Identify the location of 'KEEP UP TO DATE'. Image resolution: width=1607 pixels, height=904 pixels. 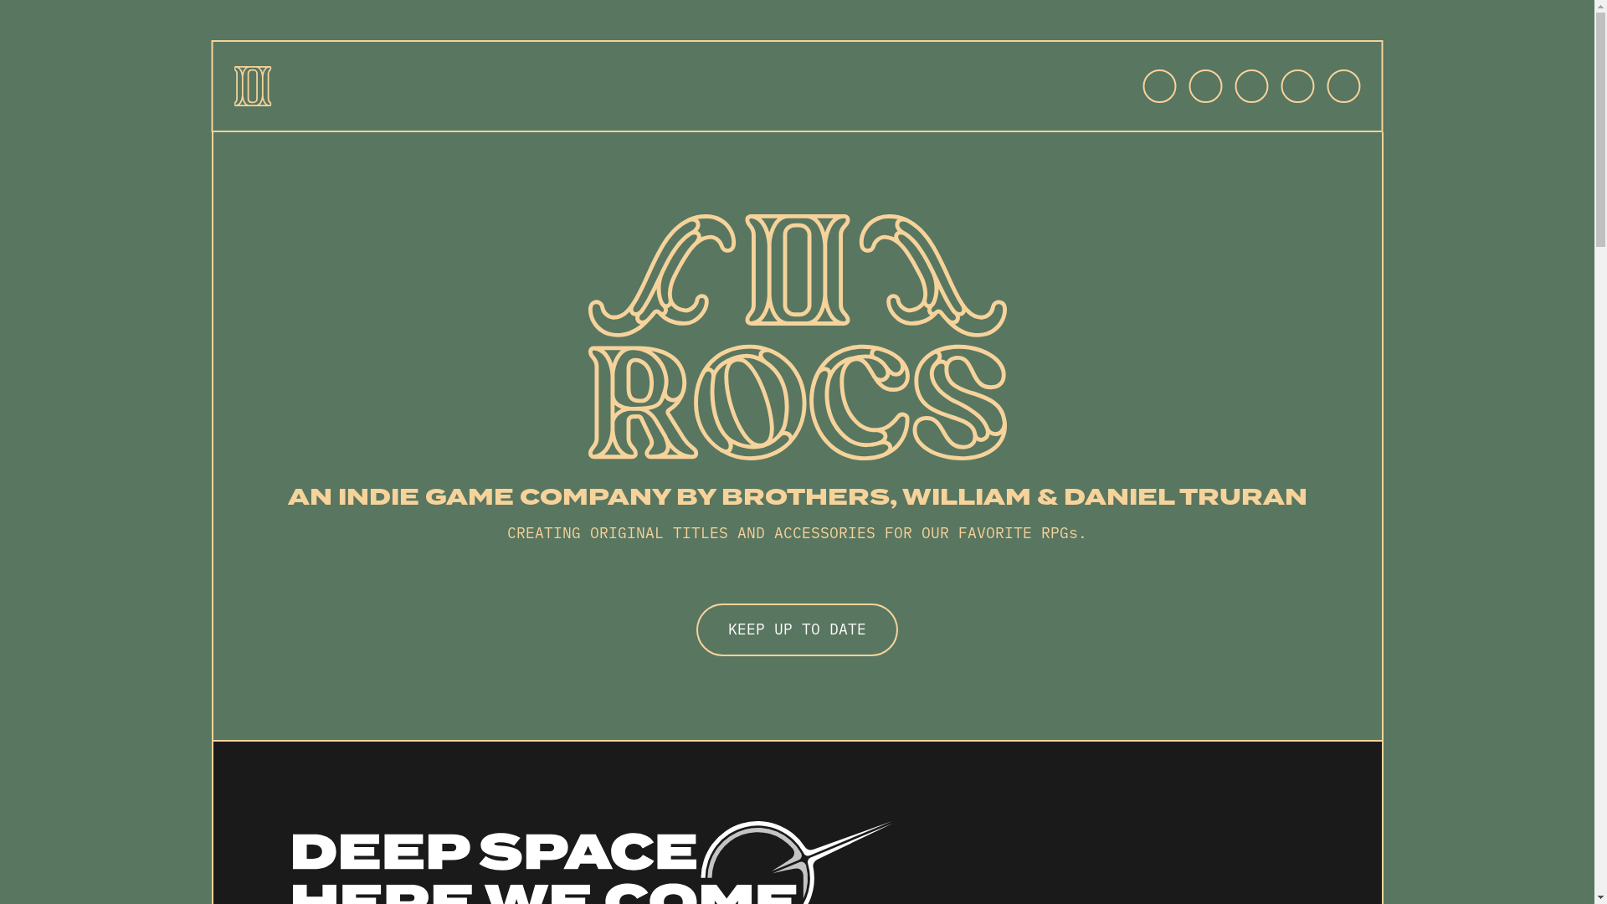
(796, 629).